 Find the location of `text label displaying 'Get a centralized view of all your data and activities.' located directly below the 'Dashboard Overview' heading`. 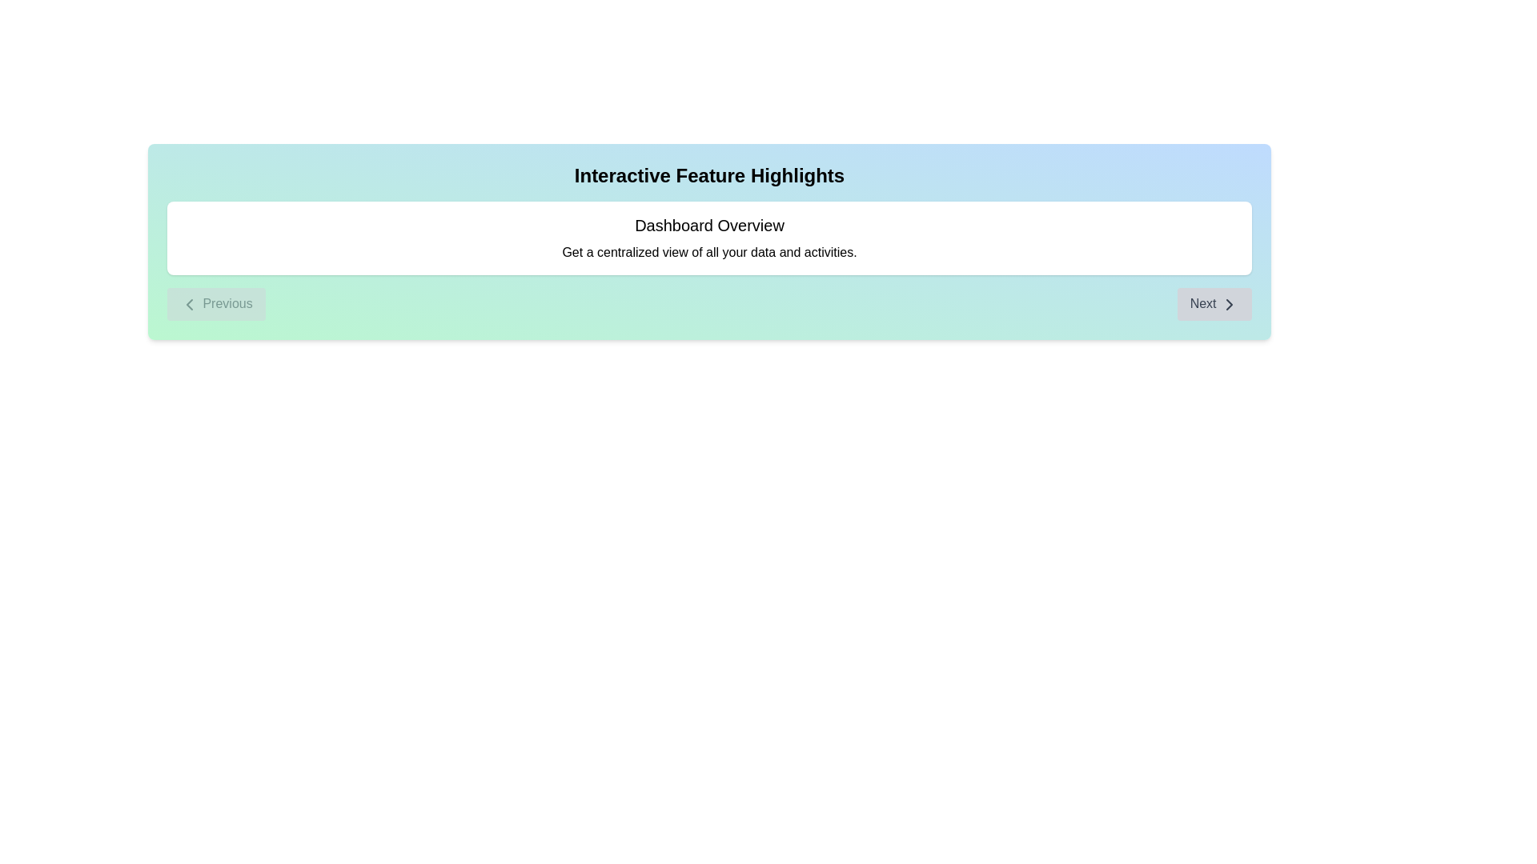

text label displaying 'Get a centralized view of all your data and activities.' located directly below the 'Dashboard Overview' heading is located at coordinates (708, 252).